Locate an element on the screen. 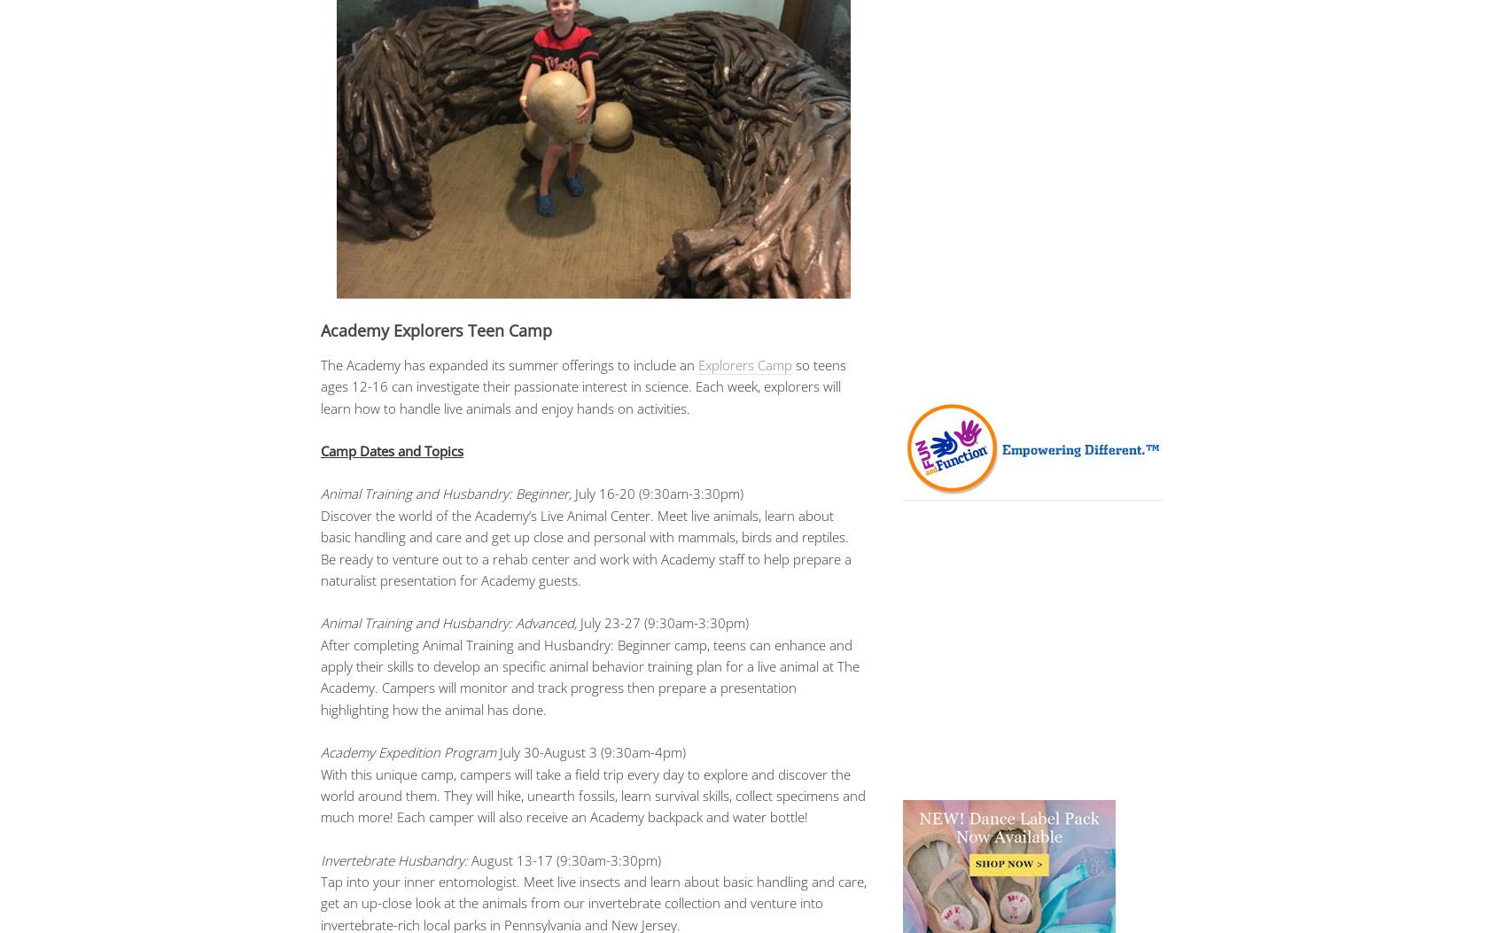  'Animal Training and Husbandry: Beginner,' is located at coordinates (446, 493).